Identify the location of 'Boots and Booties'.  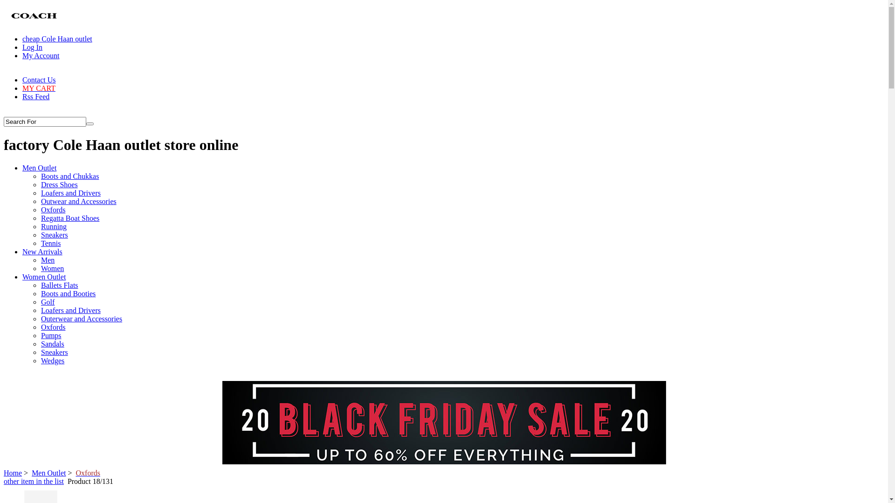
(40, 293).